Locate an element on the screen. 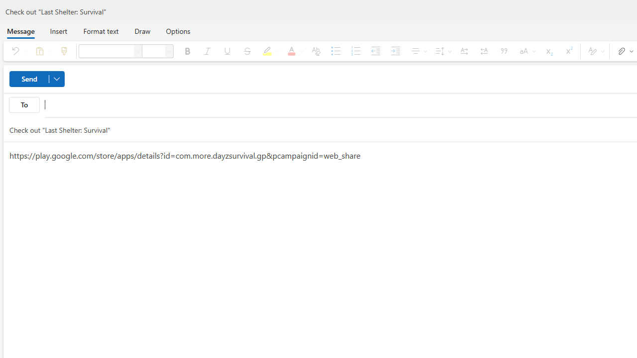 The image size is (637, 358). 'Format painter' is located at coordinates (63, 51).